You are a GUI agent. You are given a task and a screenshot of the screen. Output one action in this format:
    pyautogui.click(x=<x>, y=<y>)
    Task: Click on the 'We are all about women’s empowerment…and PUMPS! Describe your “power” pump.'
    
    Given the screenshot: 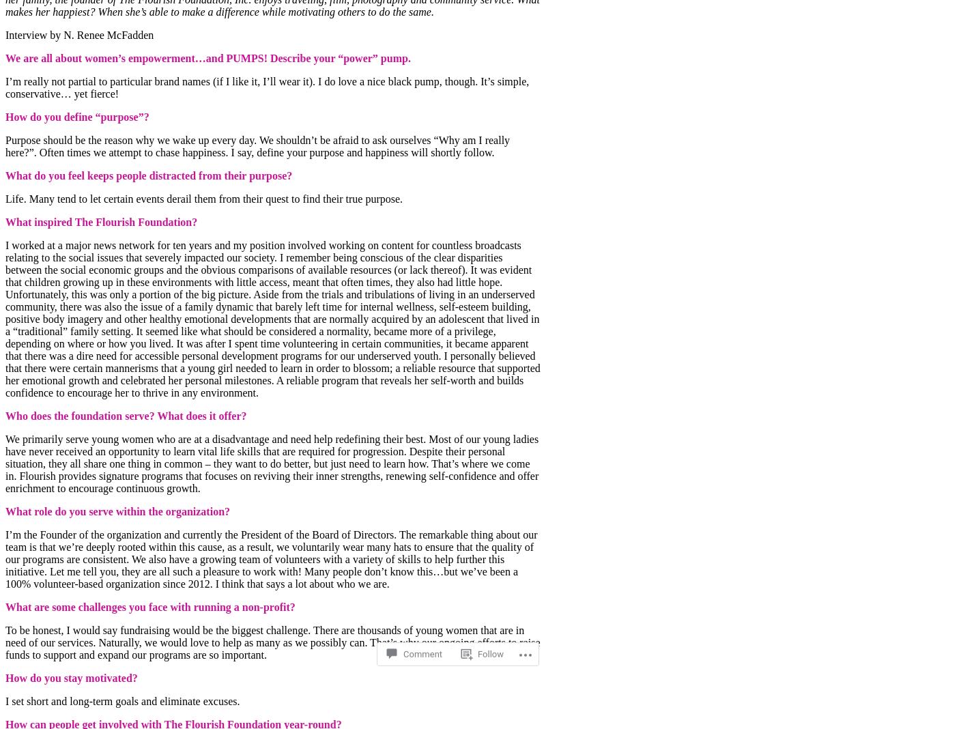 What is the action you would take?
    pyautogui.click(x=207, y=57)
    